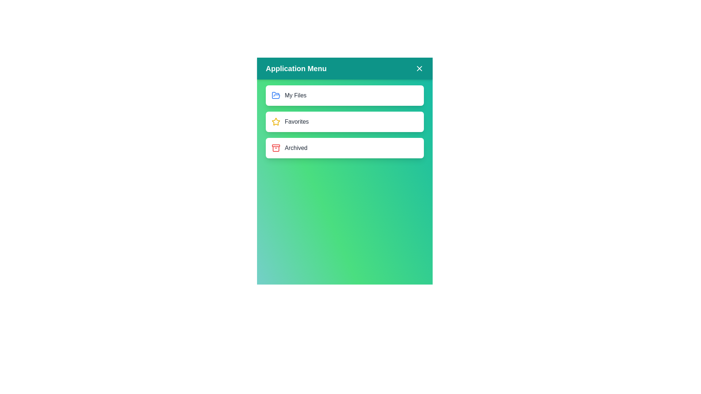 The image size is (701, 394). I want to click on the icon of the menu item Favorites, so click(275, 121).